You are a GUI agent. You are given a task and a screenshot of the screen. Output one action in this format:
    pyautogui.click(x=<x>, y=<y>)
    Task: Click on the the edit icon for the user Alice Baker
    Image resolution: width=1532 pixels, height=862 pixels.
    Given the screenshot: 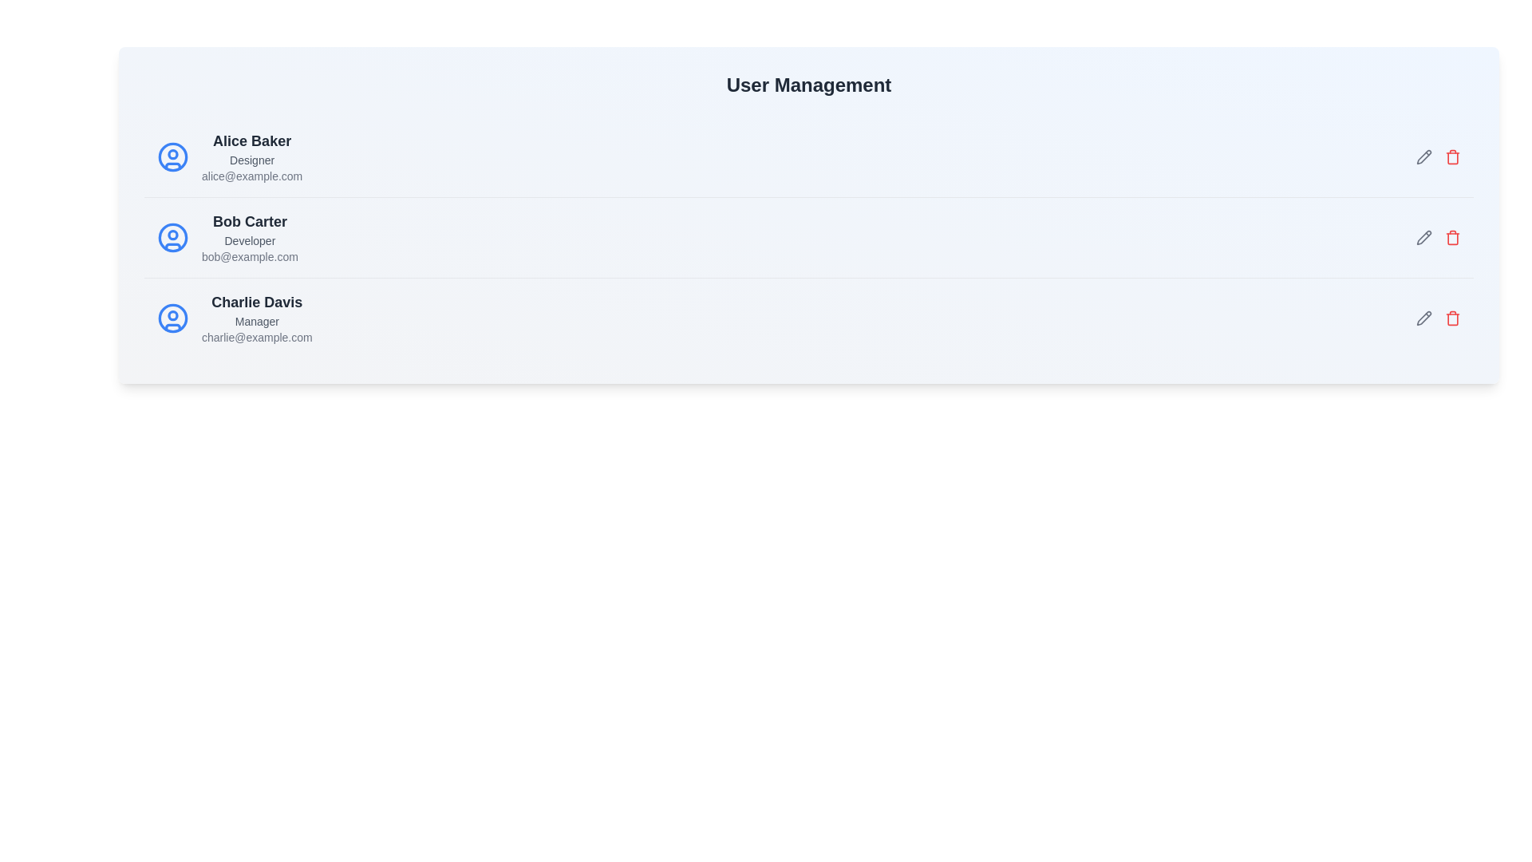 What is the action you would take?
    pyautogui.click(x=1424, y=156)
    